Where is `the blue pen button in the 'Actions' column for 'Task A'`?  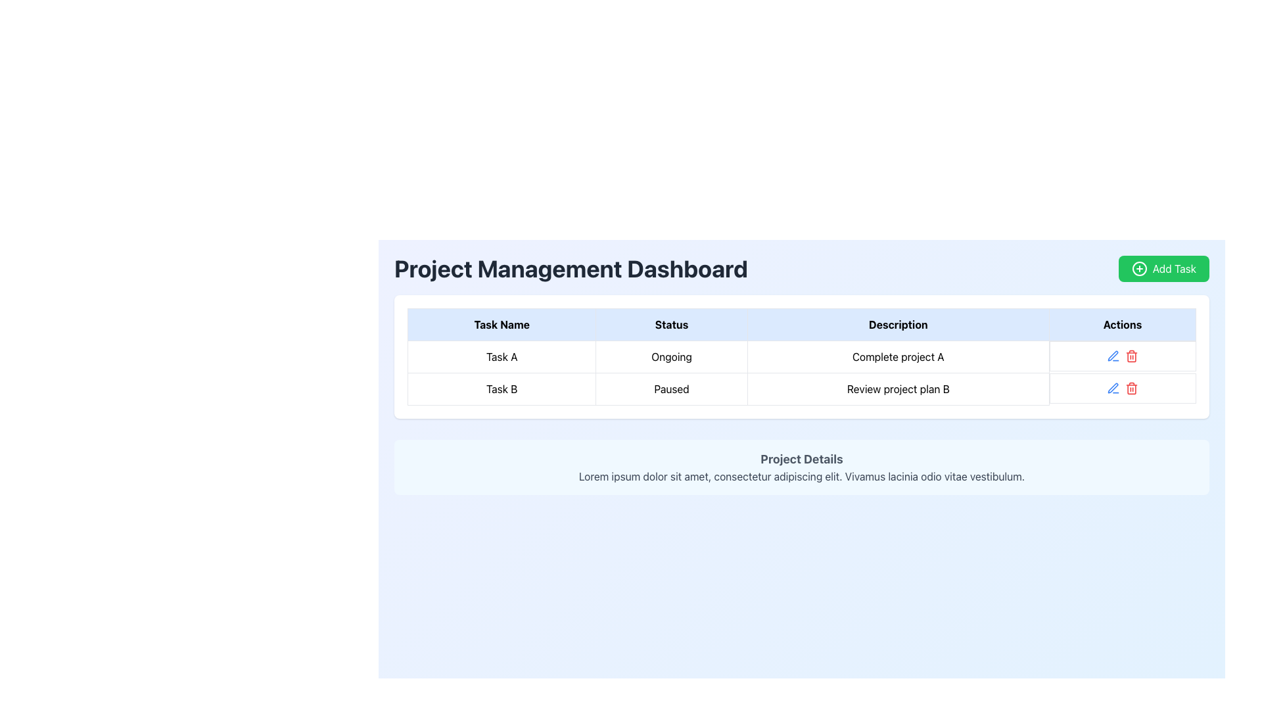
the blue pen button in the 'Actions' column for 'Task A' is located at coordinates (1113, 387).